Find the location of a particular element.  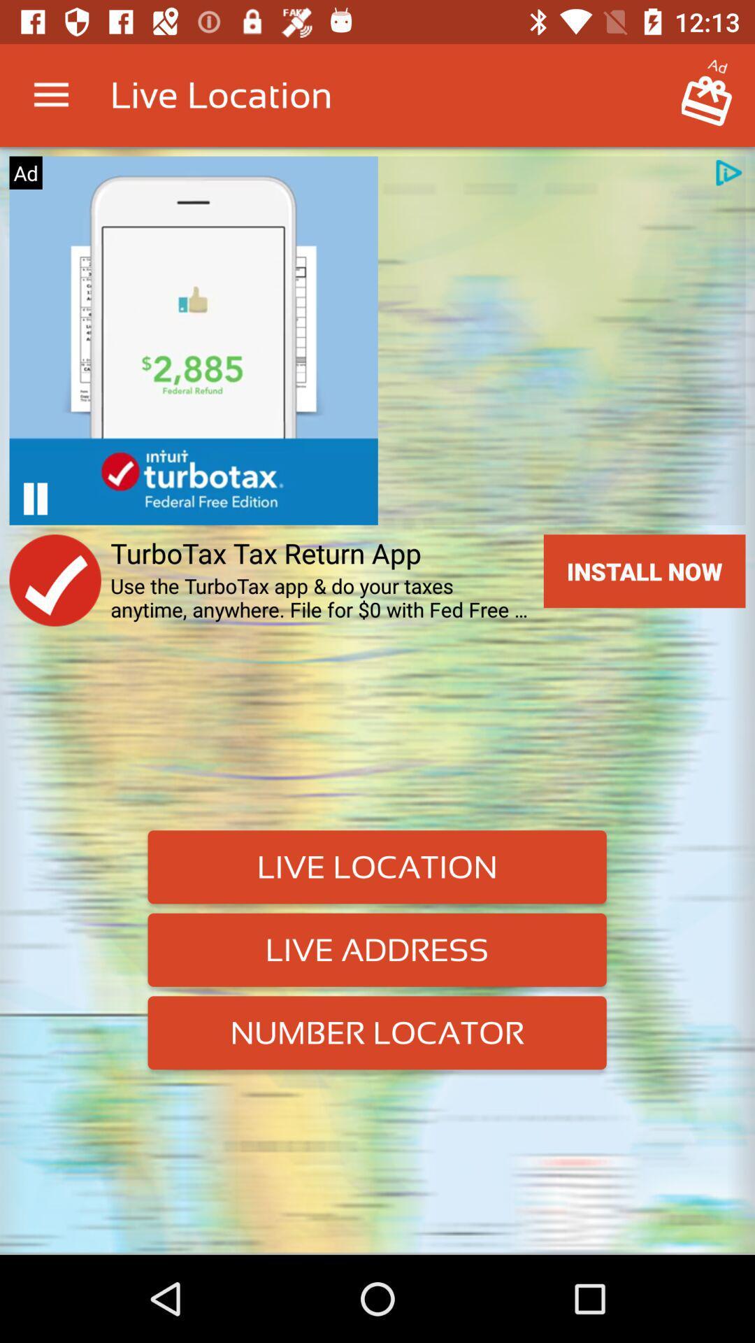

play is located at coordinates (34, 499).